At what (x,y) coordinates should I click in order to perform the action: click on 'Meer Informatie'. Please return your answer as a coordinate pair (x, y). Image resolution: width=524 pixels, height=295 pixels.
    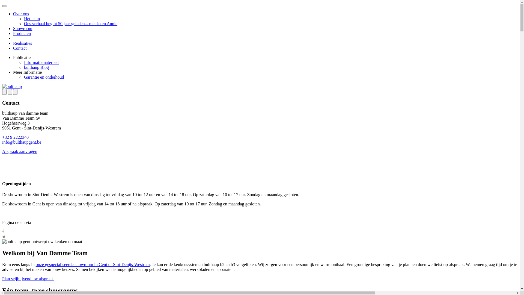
    Looking at the image, I should click on (13, 72).